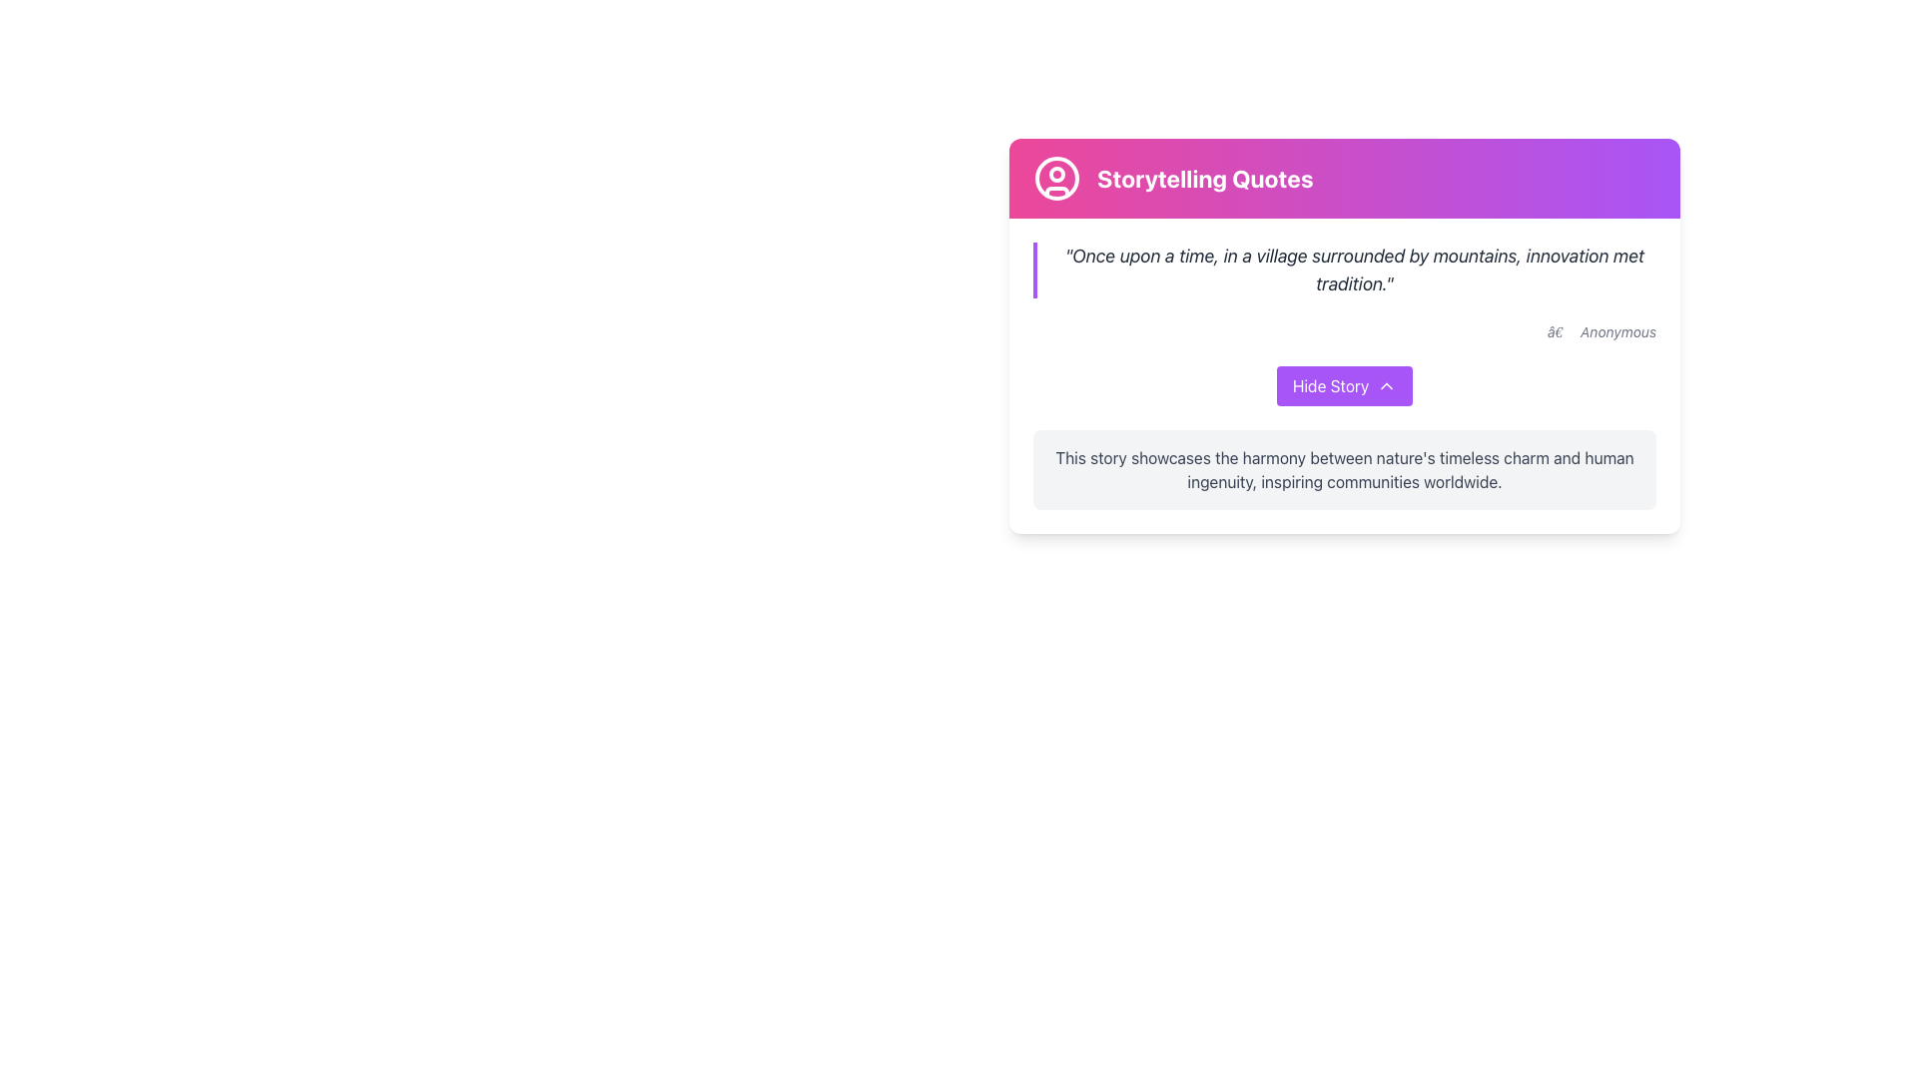 This screenshot has width=1917, height=1078. I want to click on the outer circular shape of the avatar icon located in the header of the 'Storytelling Quotes' widget, which is situated on the extreme left of the purple title bar, so click(1056, 177).